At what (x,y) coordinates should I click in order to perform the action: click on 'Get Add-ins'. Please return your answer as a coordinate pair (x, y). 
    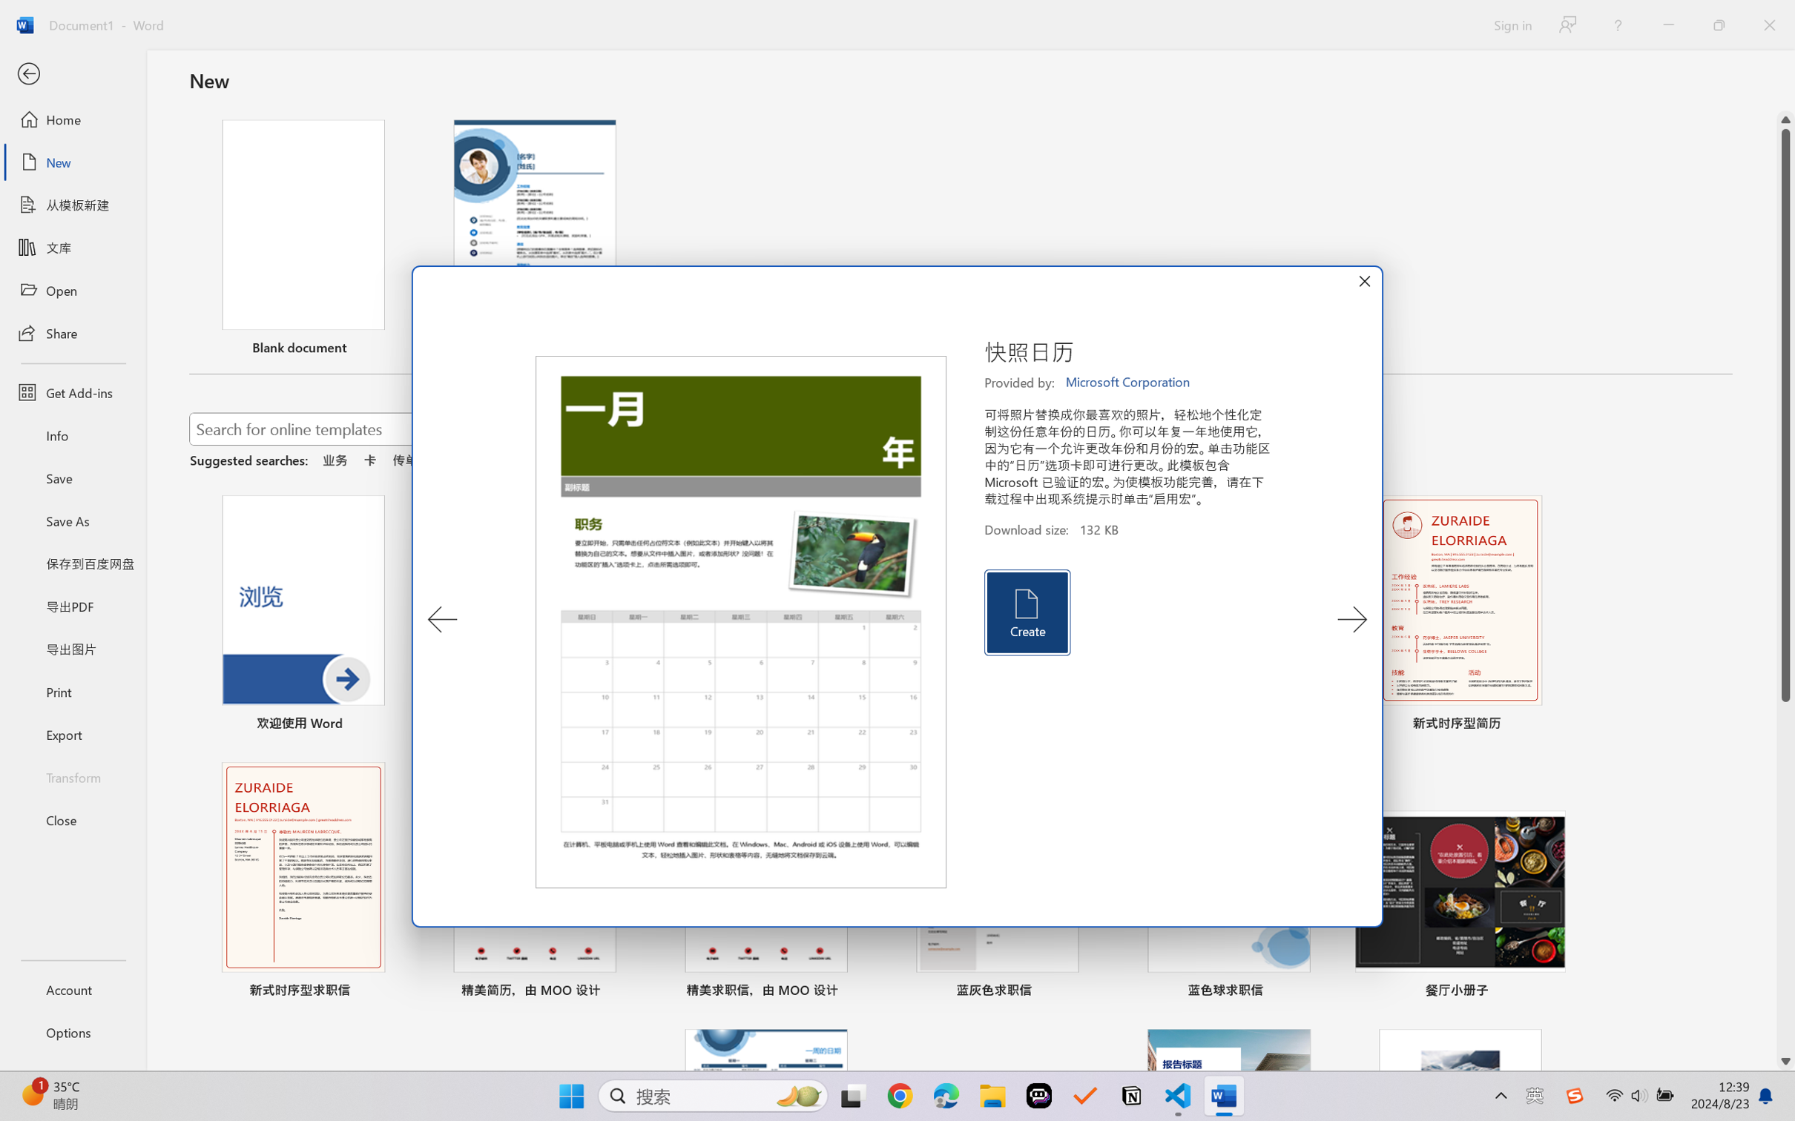
    Looking at the image, I should click on (72, 391).